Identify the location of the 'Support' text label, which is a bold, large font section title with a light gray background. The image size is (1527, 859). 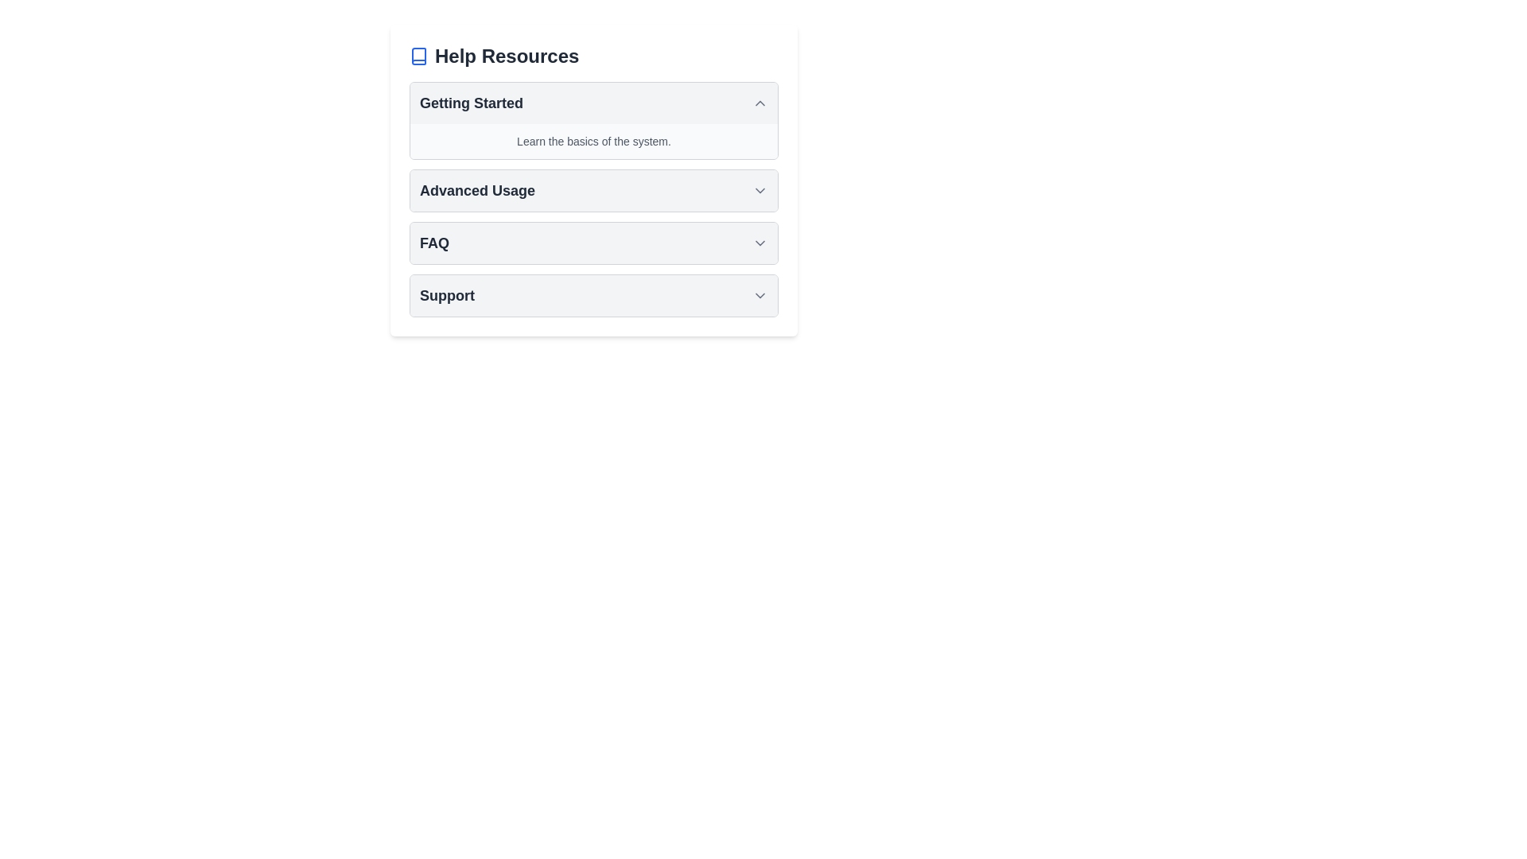
(446, 295).